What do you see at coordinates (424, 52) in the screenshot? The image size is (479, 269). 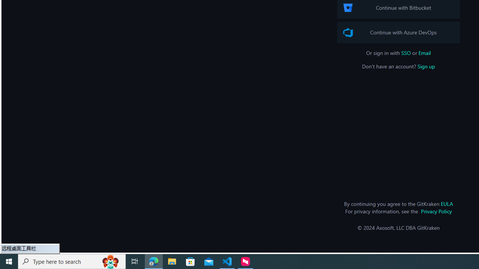 I see `'Email'` at bounding box center [424, 52].